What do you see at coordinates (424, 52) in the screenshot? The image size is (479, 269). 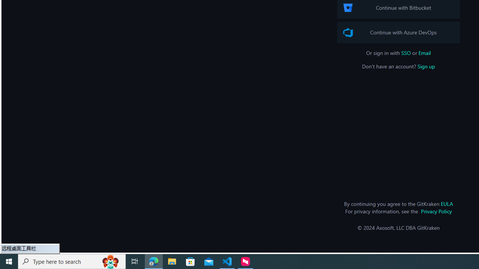 I see `'Email'` at bounding box center [424, 52].